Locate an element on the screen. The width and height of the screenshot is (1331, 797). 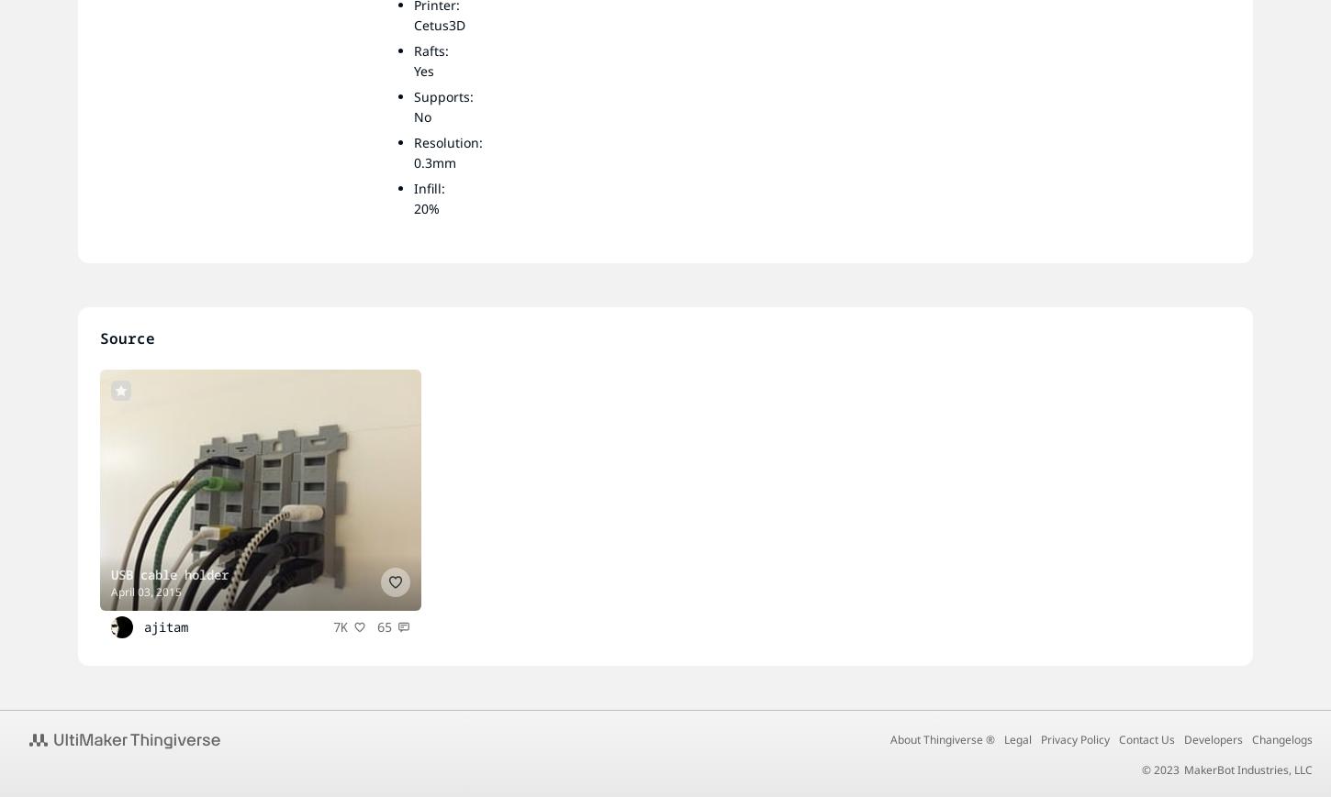
'Rafts' is located at coordinates (429, 50).